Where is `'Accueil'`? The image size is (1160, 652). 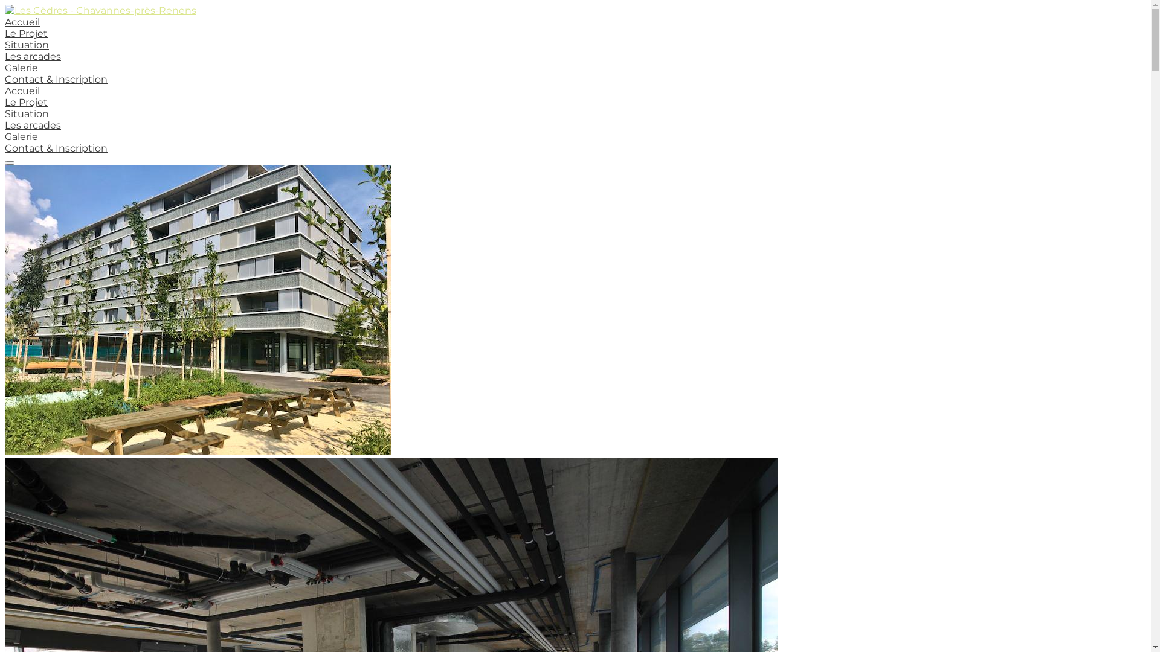
'Accueil' is located at coordinates (22, 90).